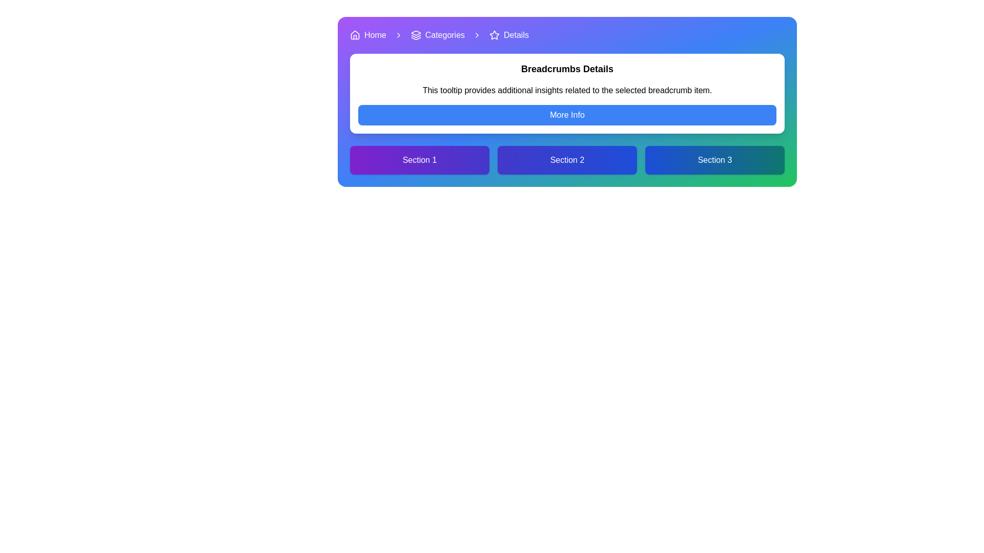 The image size is (984, 553). What do you see at coordinates (355, 34) in the screenshot?
I see `the 'Home' icon in the breadcrumb navigation at the top of the interface, which serves as a visual indicator for the 'Home' location` at bounding box center [355, 34].